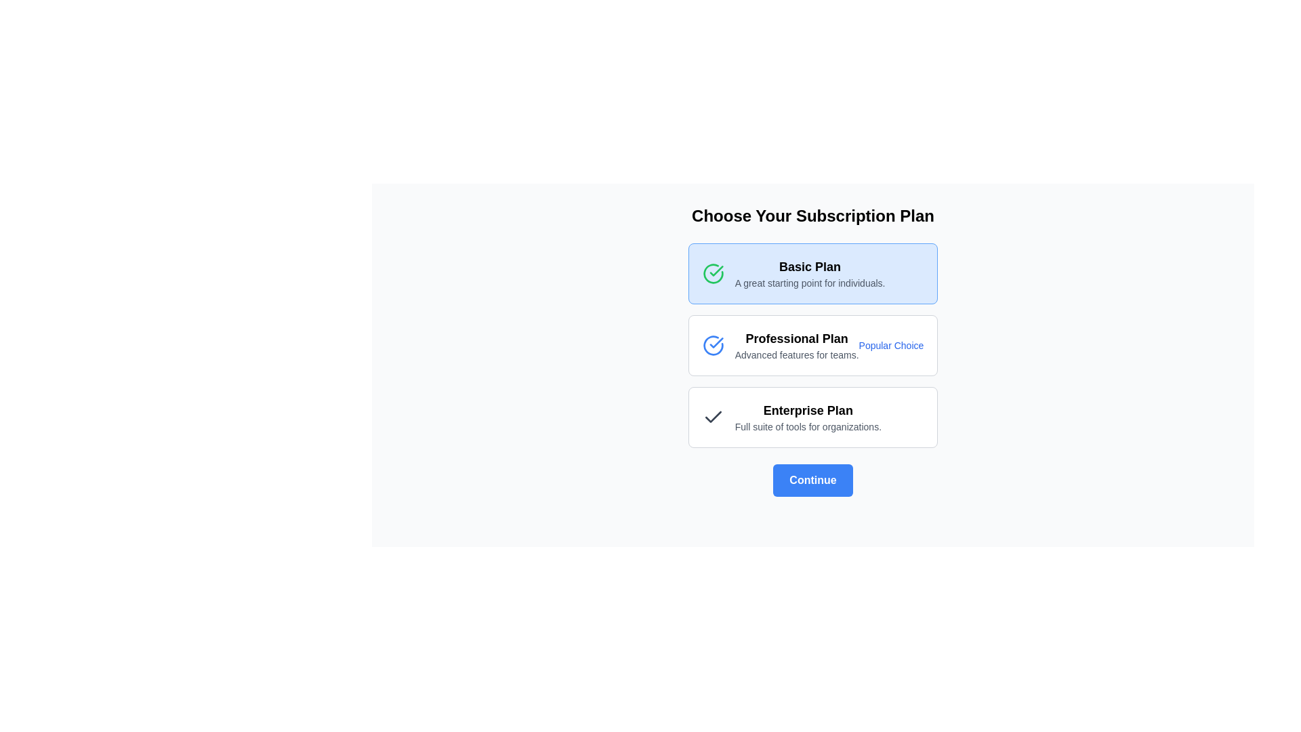 The height and width of the screenshot is (732, 1301). Describe the element at coordinates (808, 417) in the screenshot. I see `text description element which displays 'Enterprise Plan' and 'Full suite of tools for organizations.' positioned centrally in the third plan option of the subscription list` at that location.